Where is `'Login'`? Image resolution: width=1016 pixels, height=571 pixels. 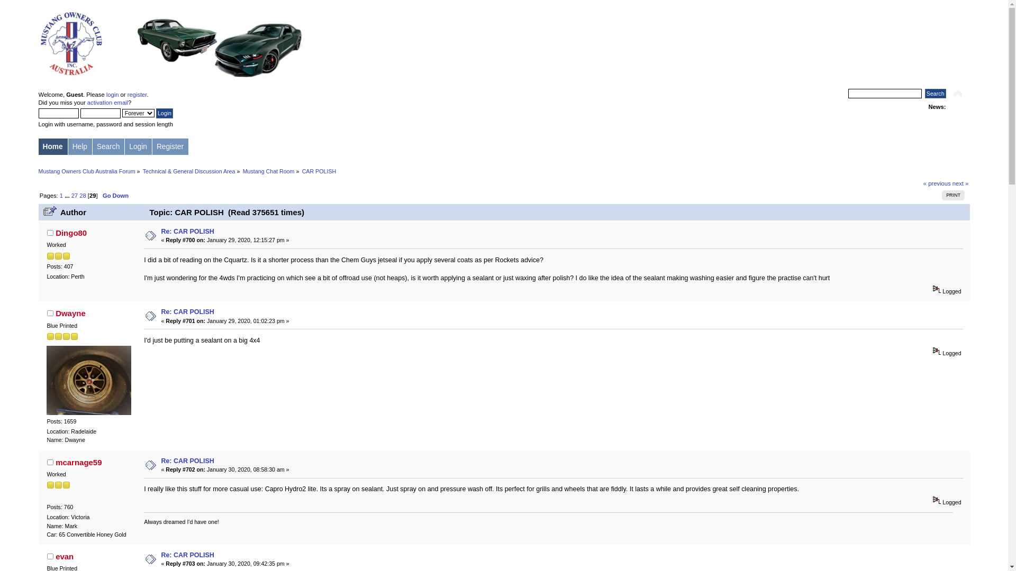 'Login' is located at coordinates (138, 146).